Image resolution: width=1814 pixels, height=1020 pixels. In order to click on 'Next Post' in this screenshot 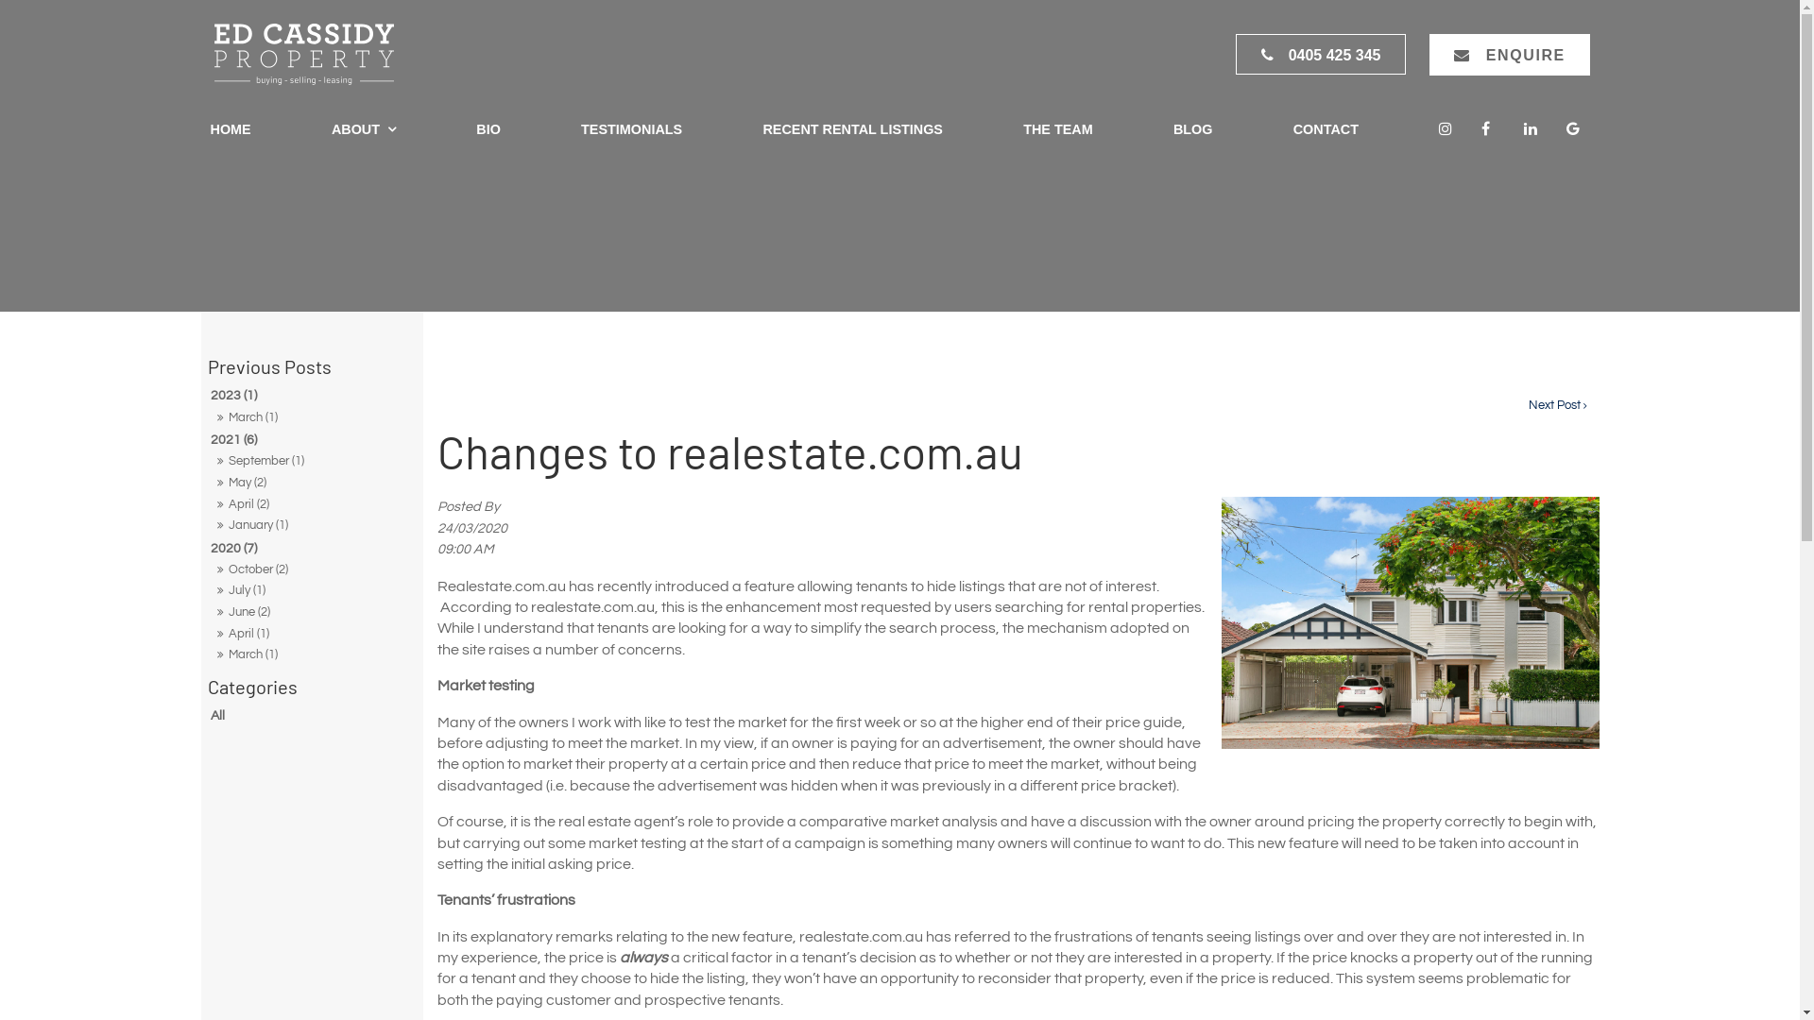, I will do `click(1558, 404)`.